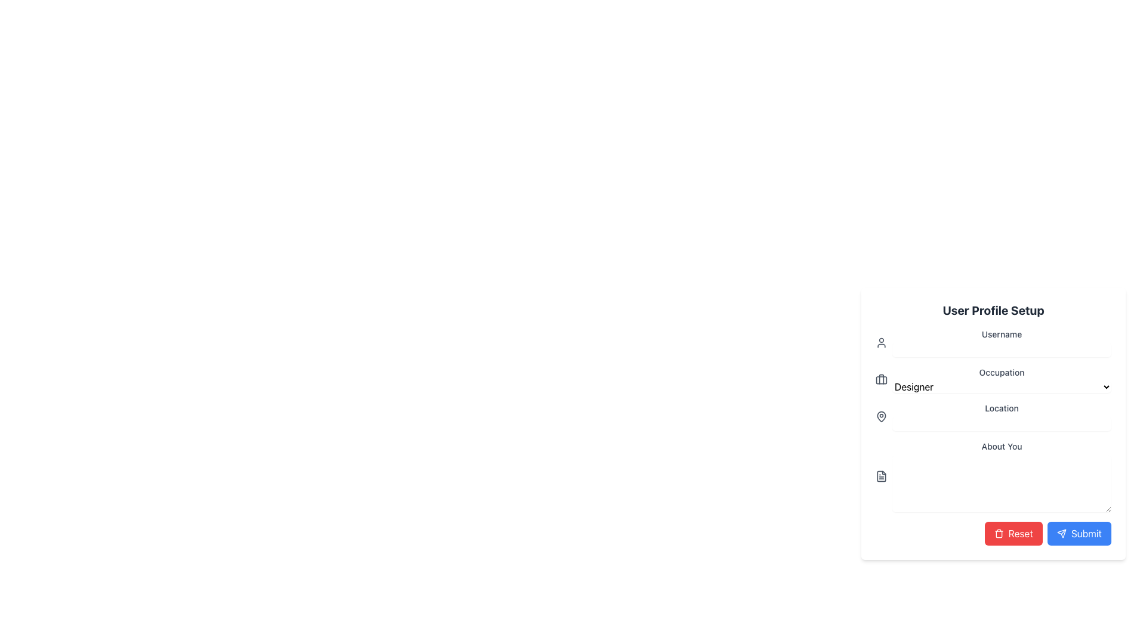 Image resolution: width=1146 pixels, height=644 pixels. I want to click on the pin icon, which is a map pin shape located to the left of the 'Location' text input field in the User Profile Setup form, so click(882, 416).